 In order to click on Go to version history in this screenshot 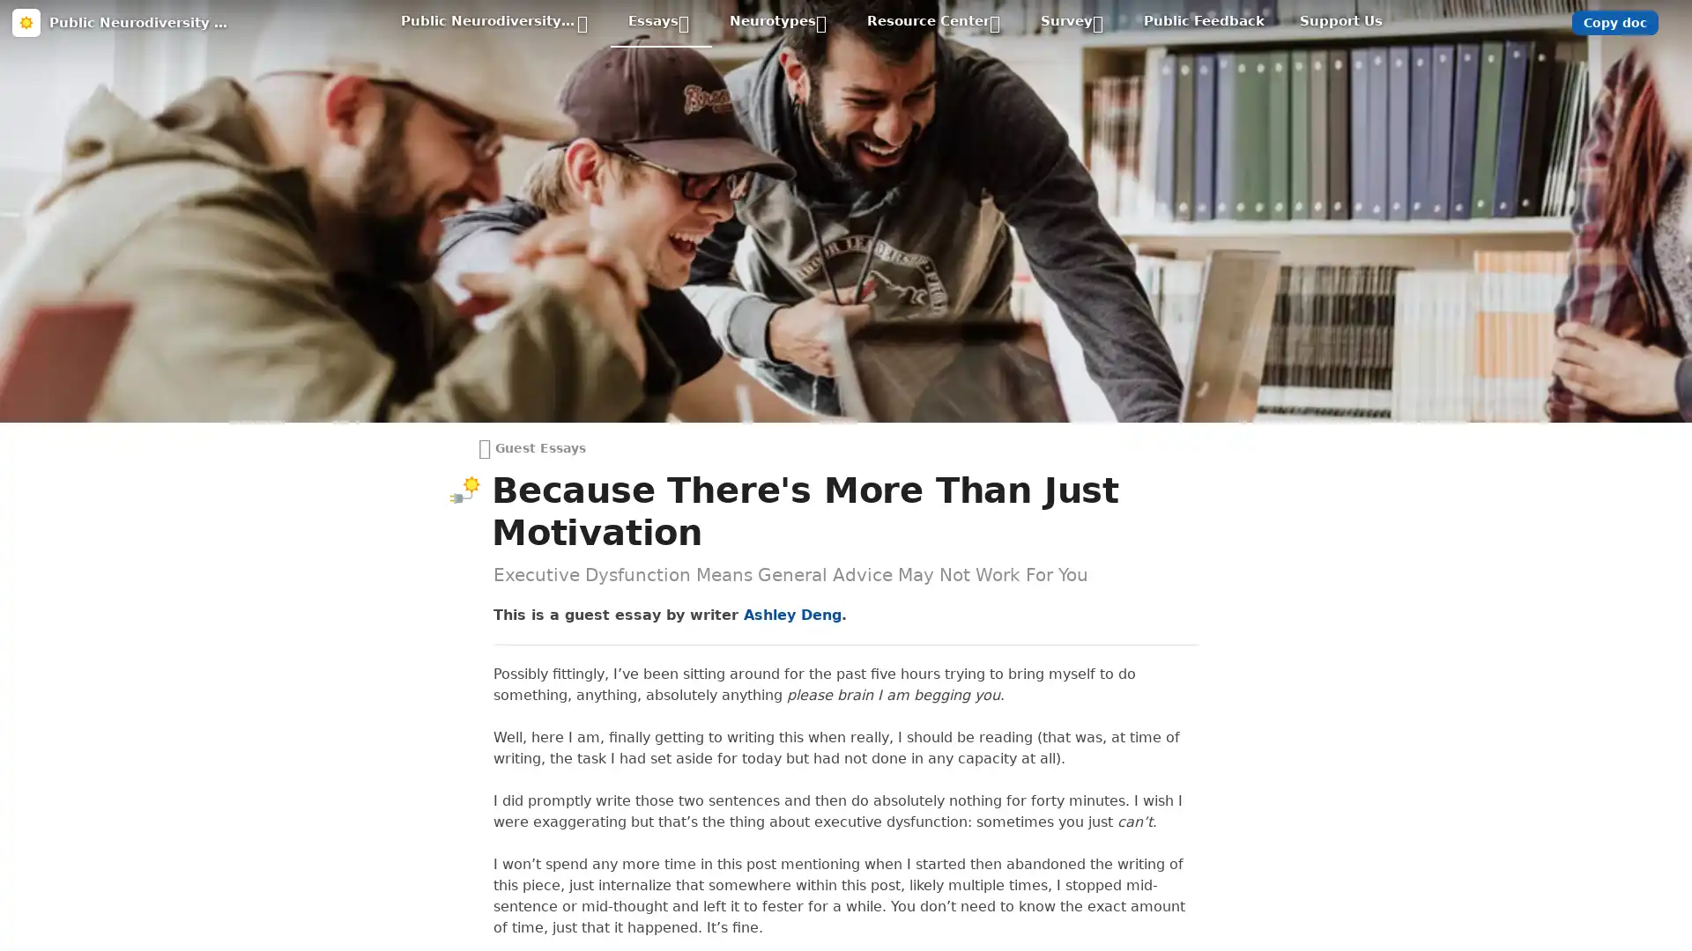, I will do `click(748, 219)`.